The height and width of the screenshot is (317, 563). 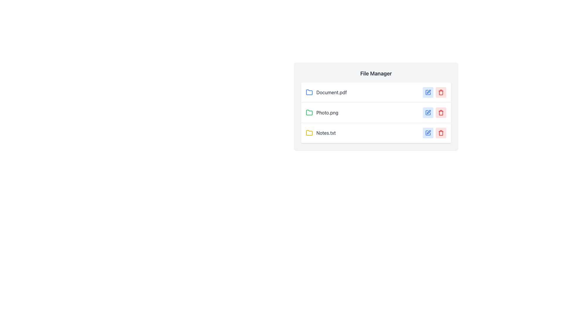 What do you see at coordinates (320, 133) in the screenshot?
I see `the file item named 'Notes.txt' in the file manager interface` at bounding box center [320, 133].